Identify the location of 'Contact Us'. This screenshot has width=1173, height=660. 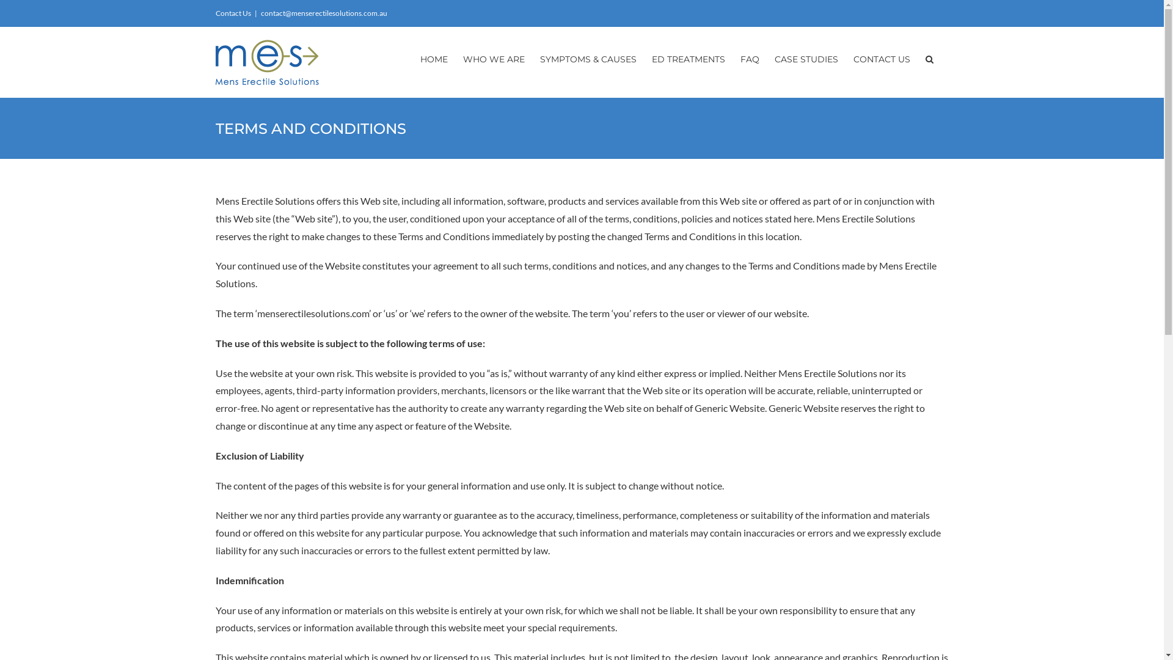
(232, 13).